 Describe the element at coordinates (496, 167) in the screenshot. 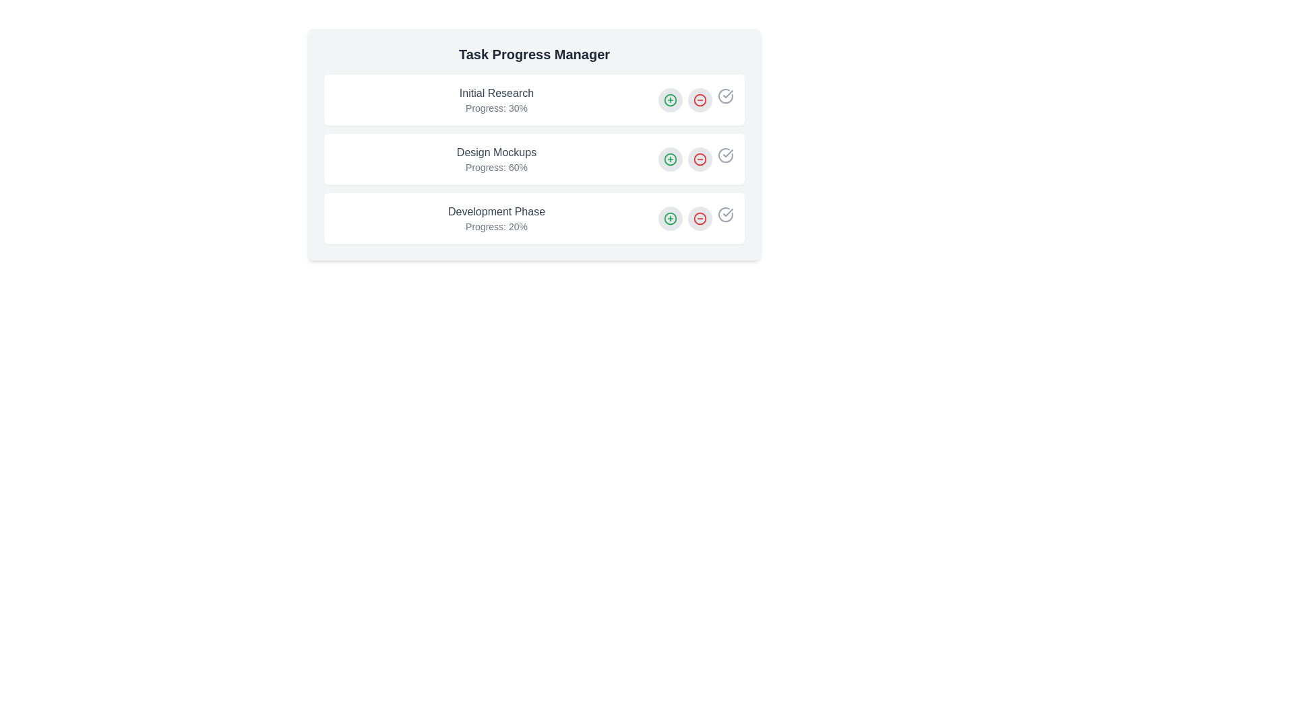

I see `the static text element displaying 'Progress: 60%' which is located below 'Design Mockups' in the middle task item of the list` at that location.